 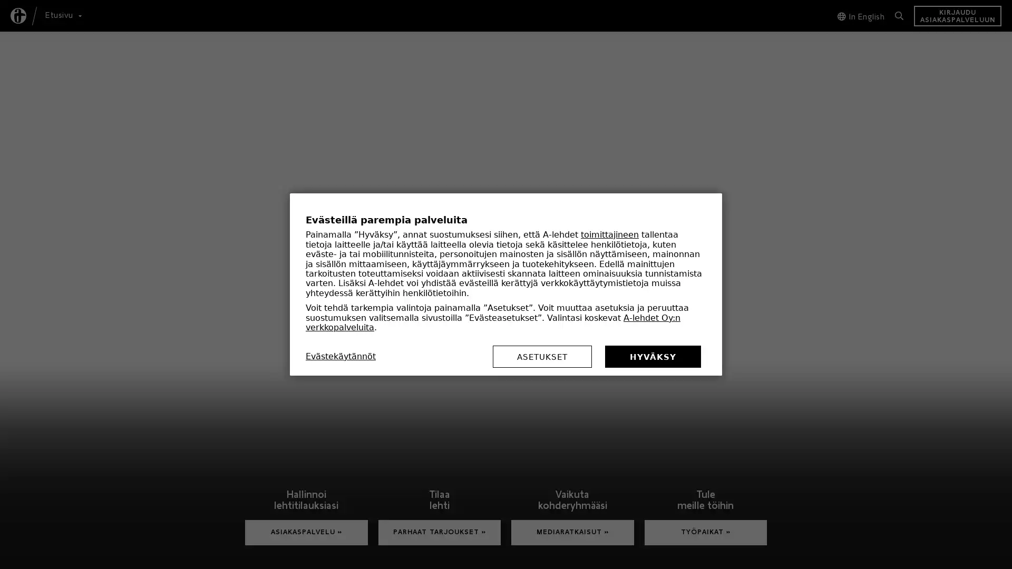 I want to click on HYVAKSY, so click(x=653, y=341).